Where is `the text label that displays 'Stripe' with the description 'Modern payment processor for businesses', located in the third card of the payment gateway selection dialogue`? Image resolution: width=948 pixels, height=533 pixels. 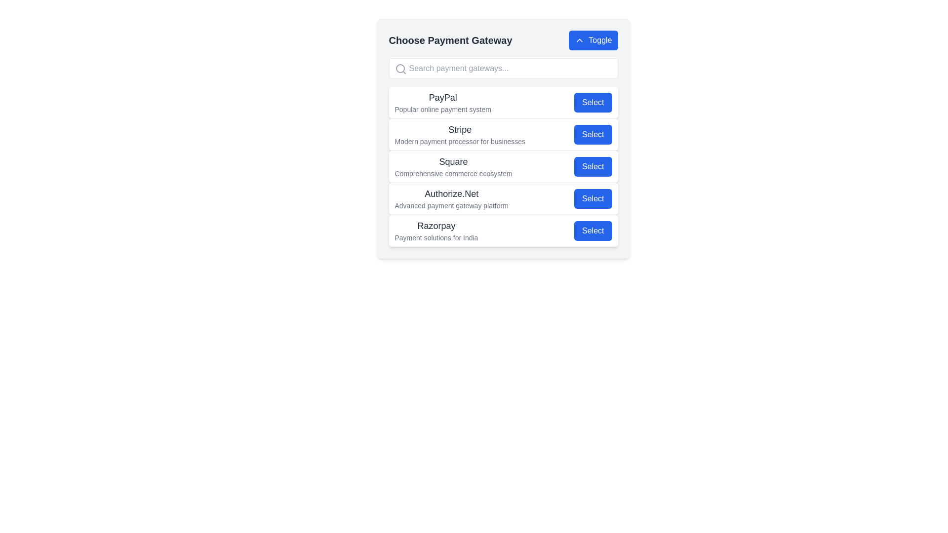 the text label that displays 'Stripe' with the description 'Modern payment processor for businesses', located in the third card of the payment gateway selection dialogue is located at coordinates (459, 135).